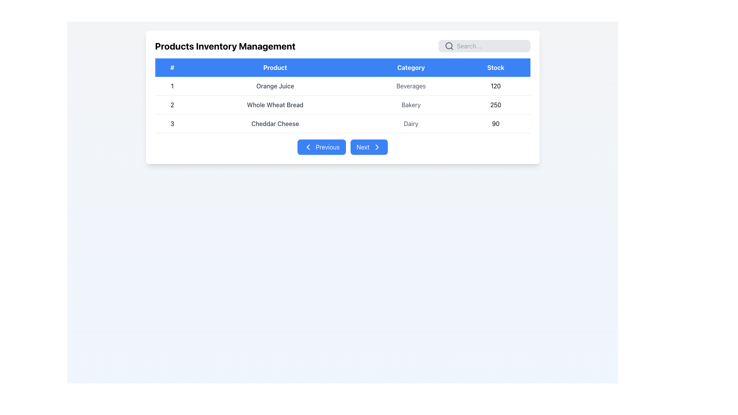 The width and height of the screenshot is (738, 415). Describe the element at coordinates (411, 123) in the screenshot. I see `the information in the category label for 'Cheddar Cheese' located in the third row of the table under the 'Category' column` at that location.